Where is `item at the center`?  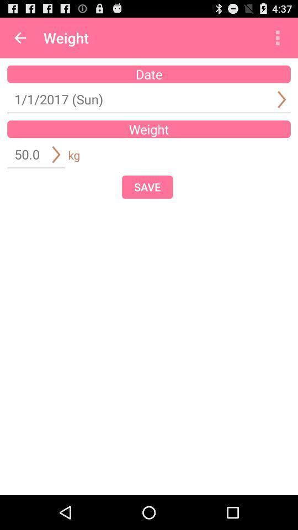
item at the center is located at coordinates (147, 187).